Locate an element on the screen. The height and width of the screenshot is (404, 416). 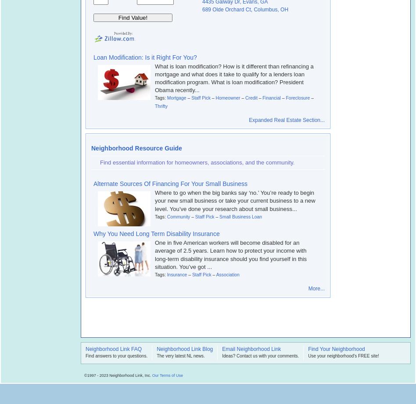
'Insurance' is located at coordinates (176, 274).